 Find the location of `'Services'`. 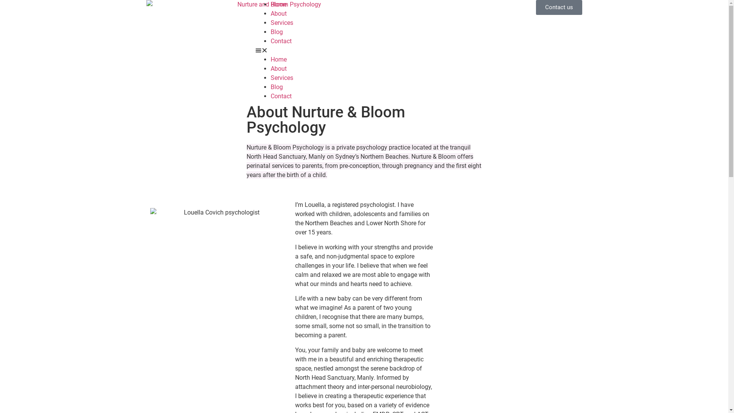

'Services' is located at coordinates (281, 78).